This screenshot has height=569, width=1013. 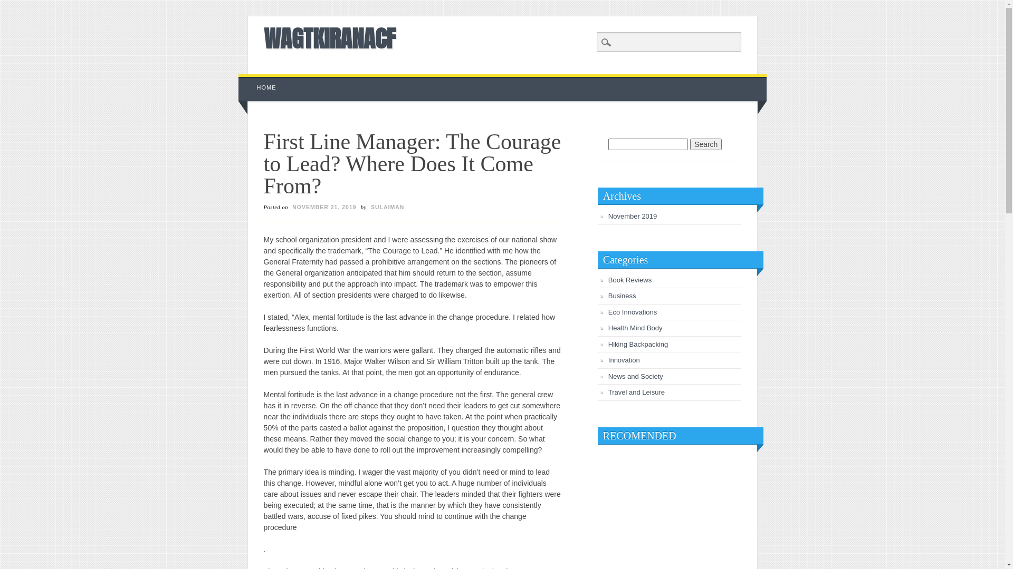 What do you see at coordinates (633, 311) in the screenshot?
I see `'Eco Innovations'` at bounding box center [633, 311].